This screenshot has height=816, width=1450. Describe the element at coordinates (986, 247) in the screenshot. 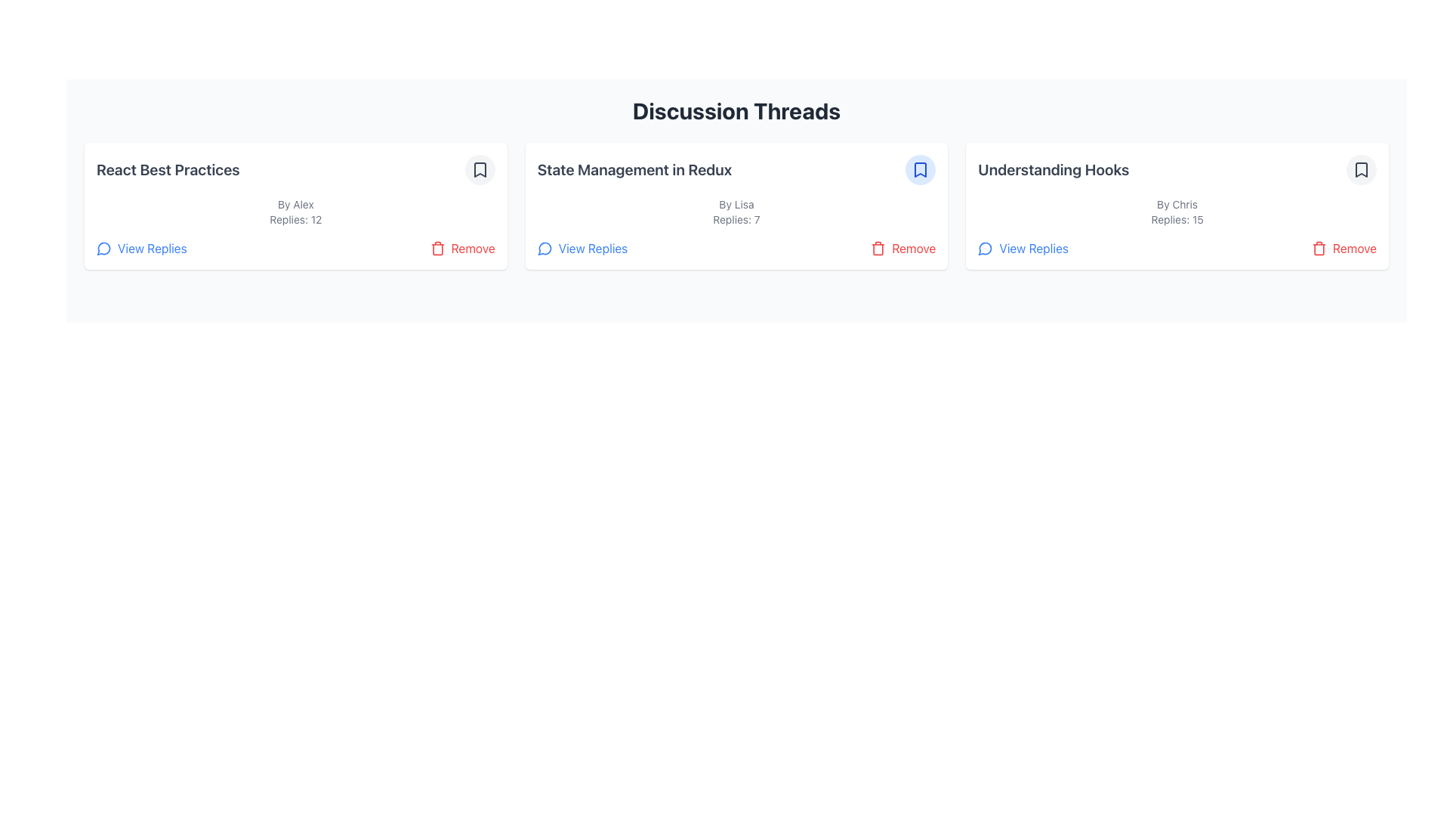

I see `the 'View Replies' icon located to the left of the 'View Replies' text within the discussion card titled 'Understanding Hooks'` at that location.